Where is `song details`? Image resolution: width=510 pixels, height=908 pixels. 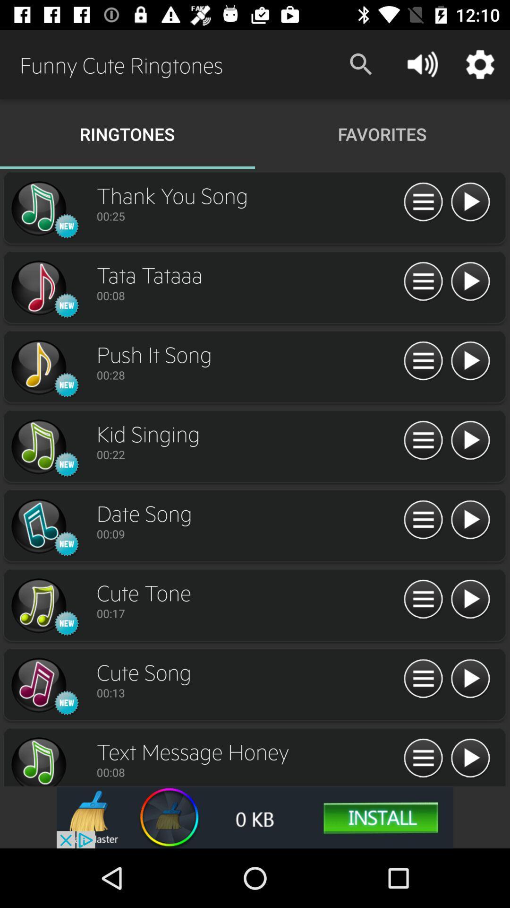 song details is located at coordinates (423, 599).